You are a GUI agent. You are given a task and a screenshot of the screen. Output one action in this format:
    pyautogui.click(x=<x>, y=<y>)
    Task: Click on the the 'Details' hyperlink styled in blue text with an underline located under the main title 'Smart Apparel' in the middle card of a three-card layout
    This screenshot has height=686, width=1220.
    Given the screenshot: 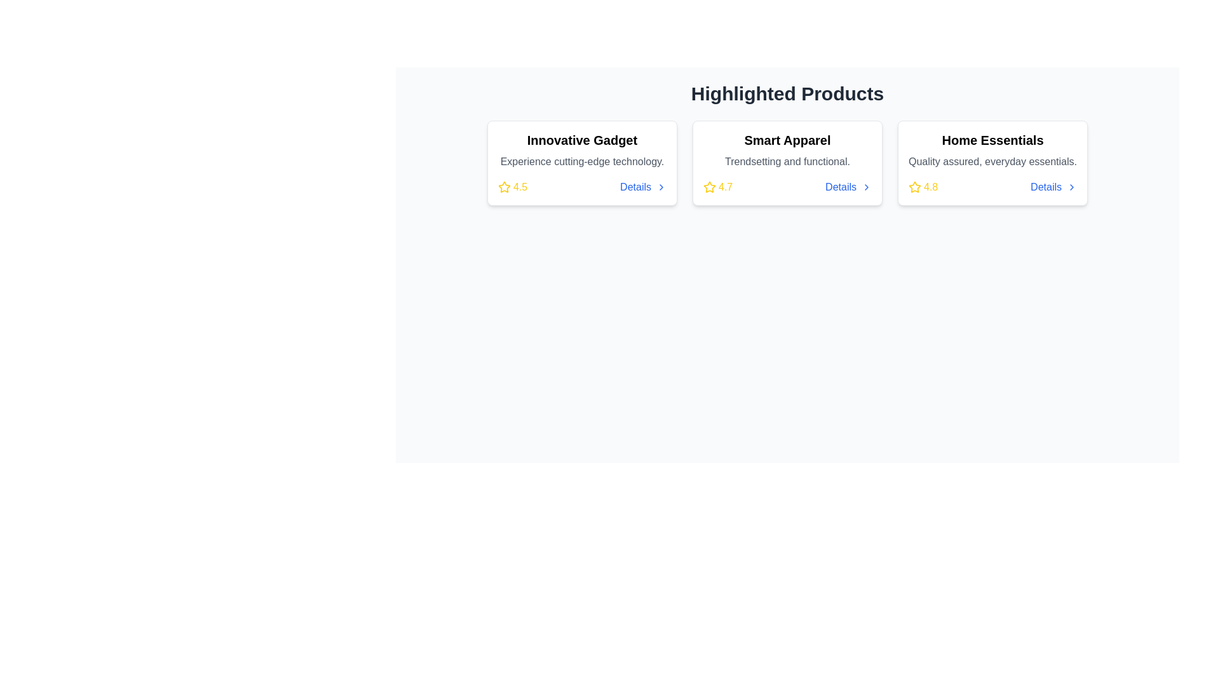 What is the action you would take?
    pyautogui.click(x=841, y=187)
    